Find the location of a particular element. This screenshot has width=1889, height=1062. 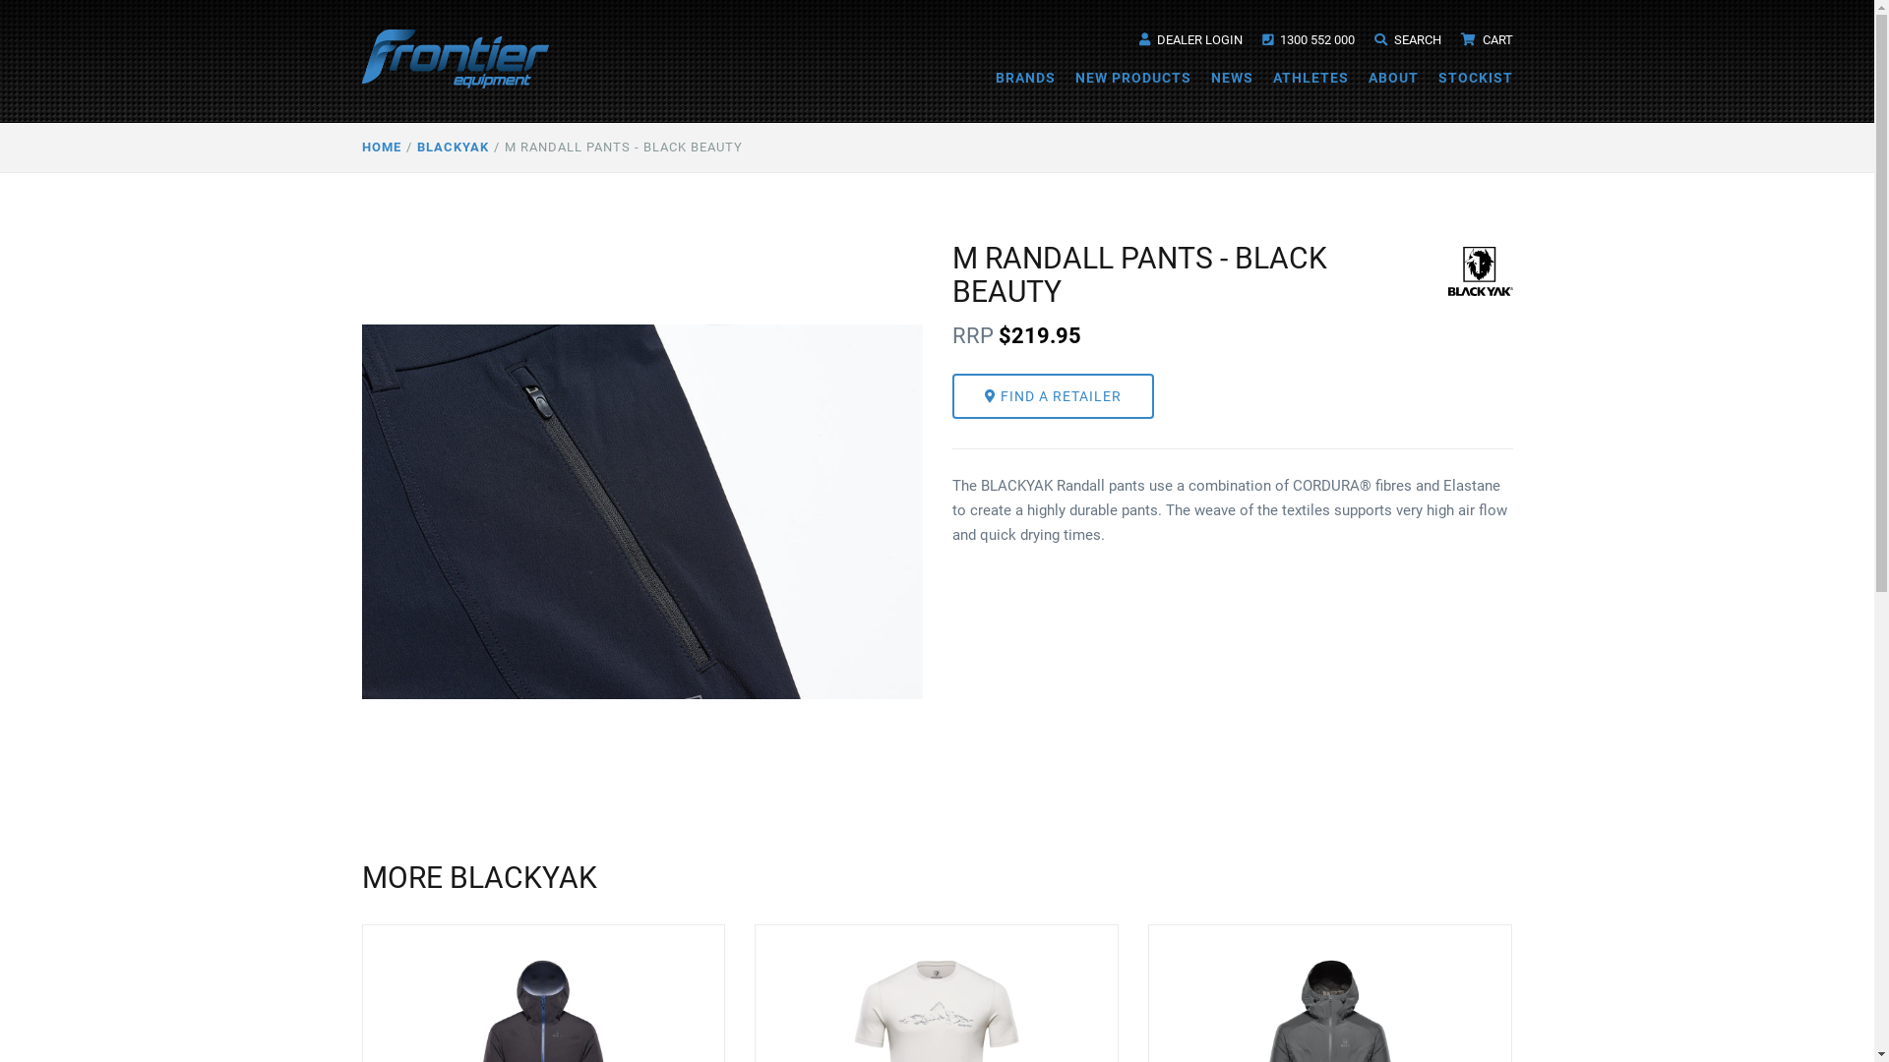

'ABOUT' is located at coordinates (1391, 76).